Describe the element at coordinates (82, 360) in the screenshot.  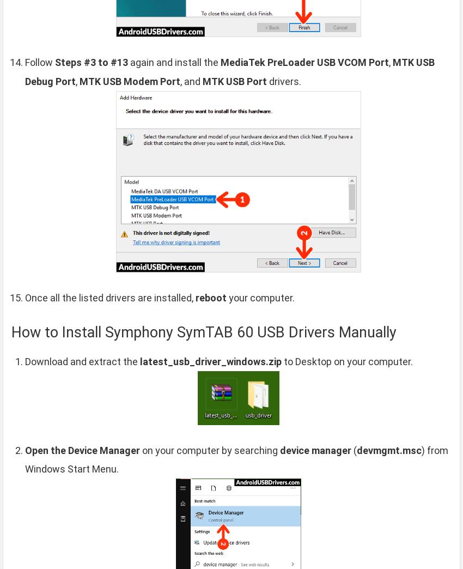
I see `'Download and extract the'` at that location.